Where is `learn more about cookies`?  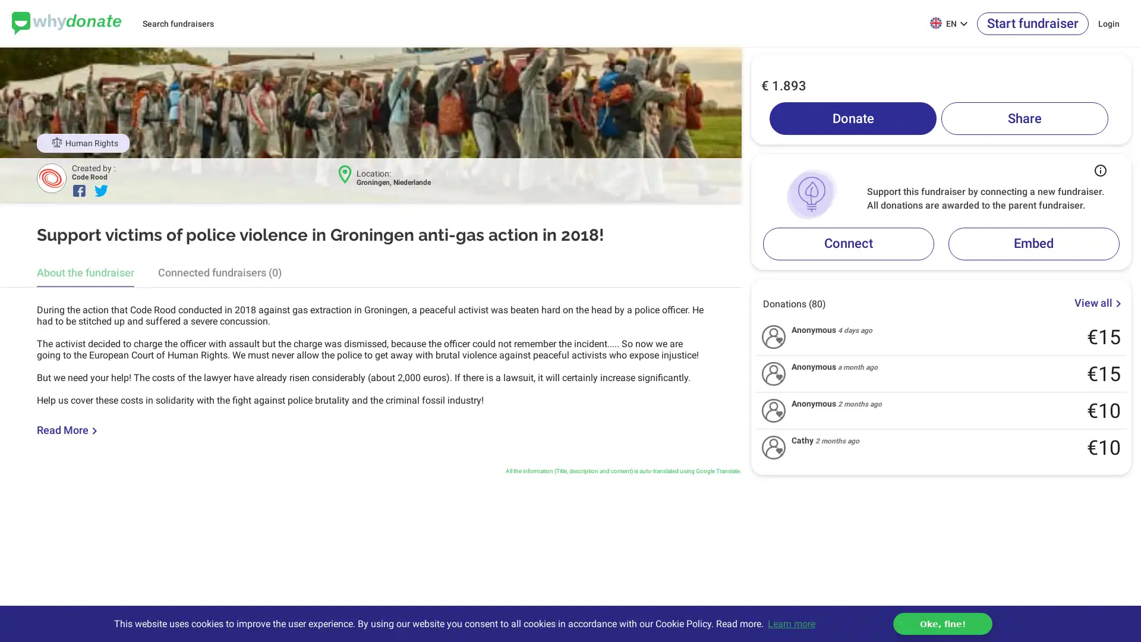 learn more about cookies is located at coordinates (792, 623).